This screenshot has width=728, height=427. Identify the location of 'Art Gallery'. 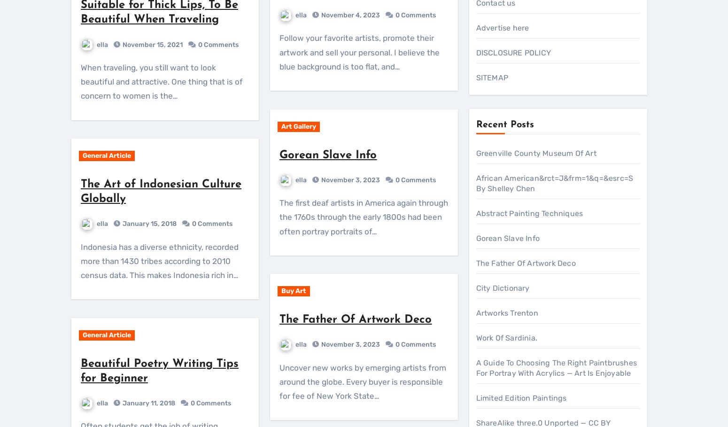
(529, 387).